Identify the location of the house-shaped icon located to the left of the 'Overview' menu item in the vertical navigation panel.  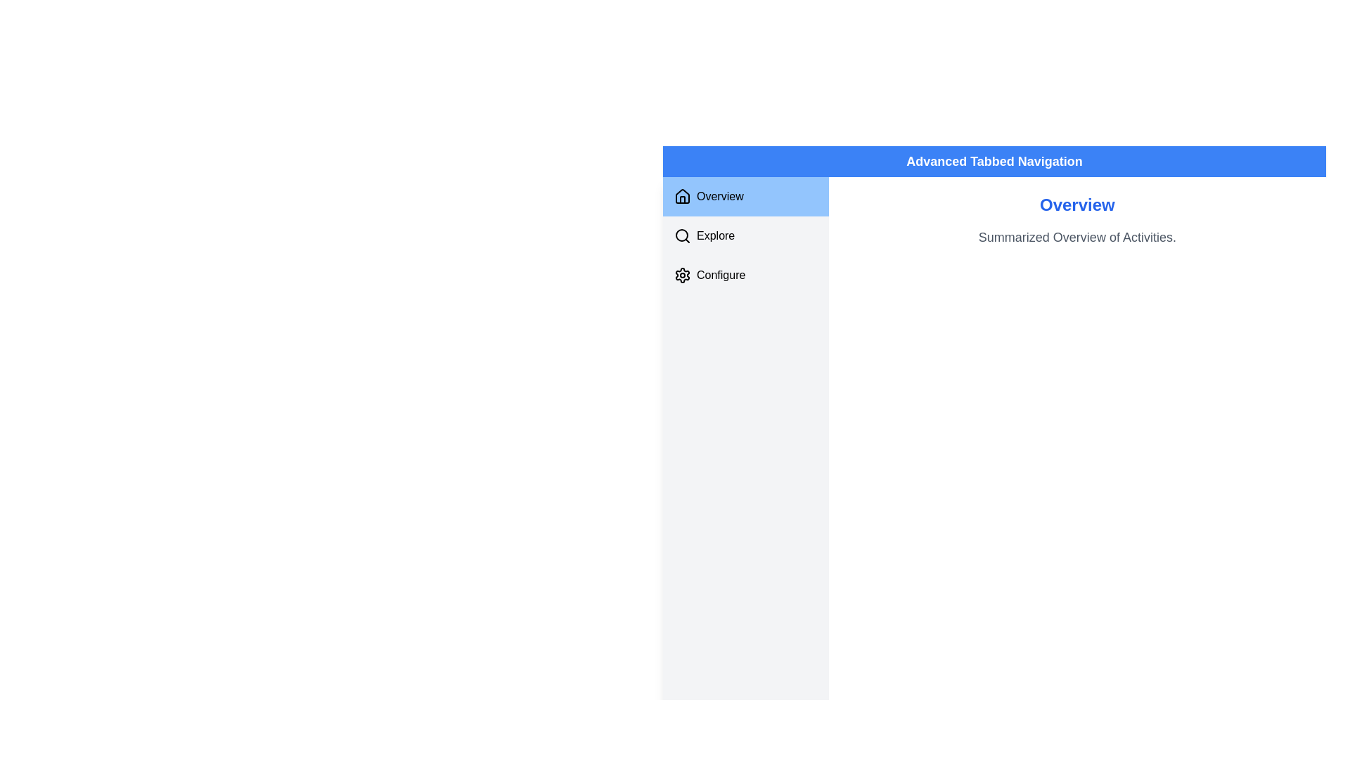
(682, 197).